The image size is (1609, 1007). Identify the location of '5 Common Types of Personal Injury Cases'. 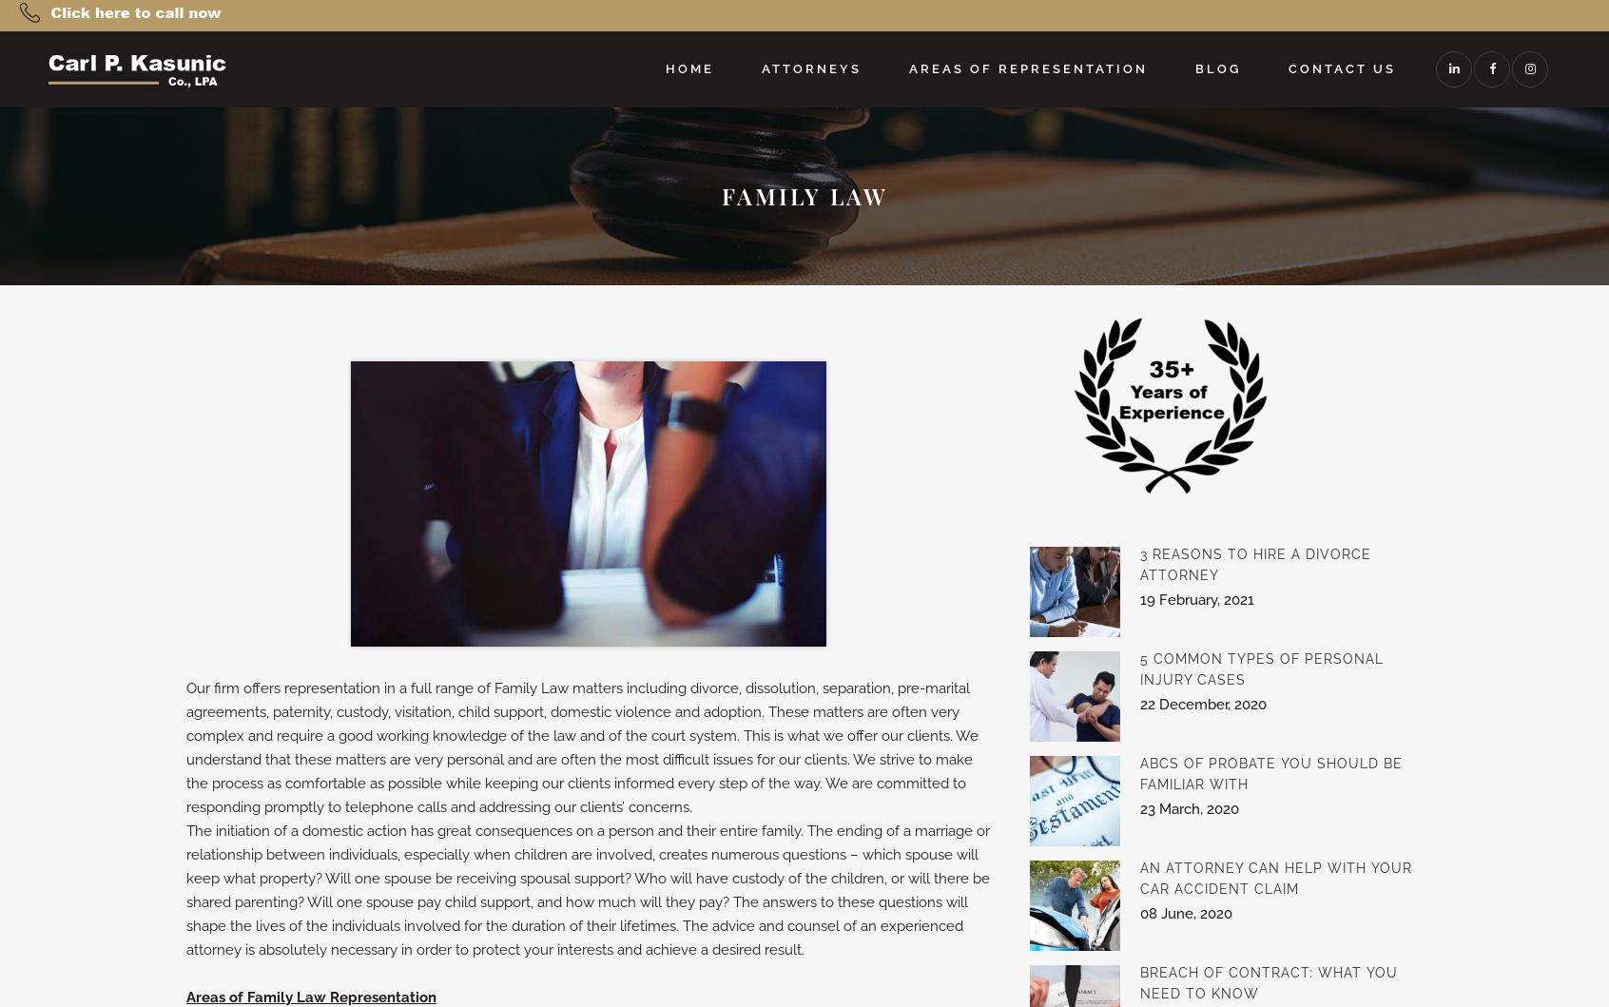
(1260, 669).